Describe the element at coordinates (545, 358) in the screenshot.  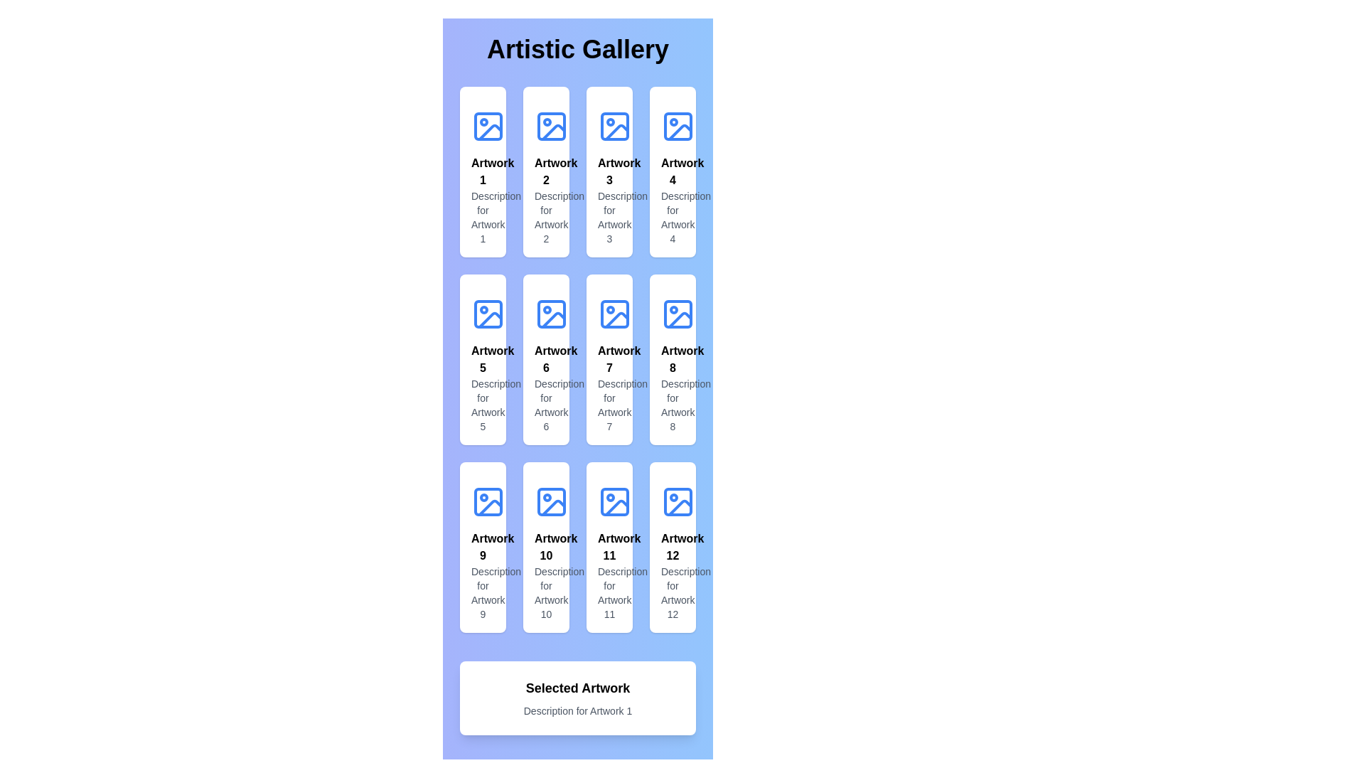
I see `the text label displaying 'Artwork 6', which is centrally aligned and bold within its UI card` at that location.